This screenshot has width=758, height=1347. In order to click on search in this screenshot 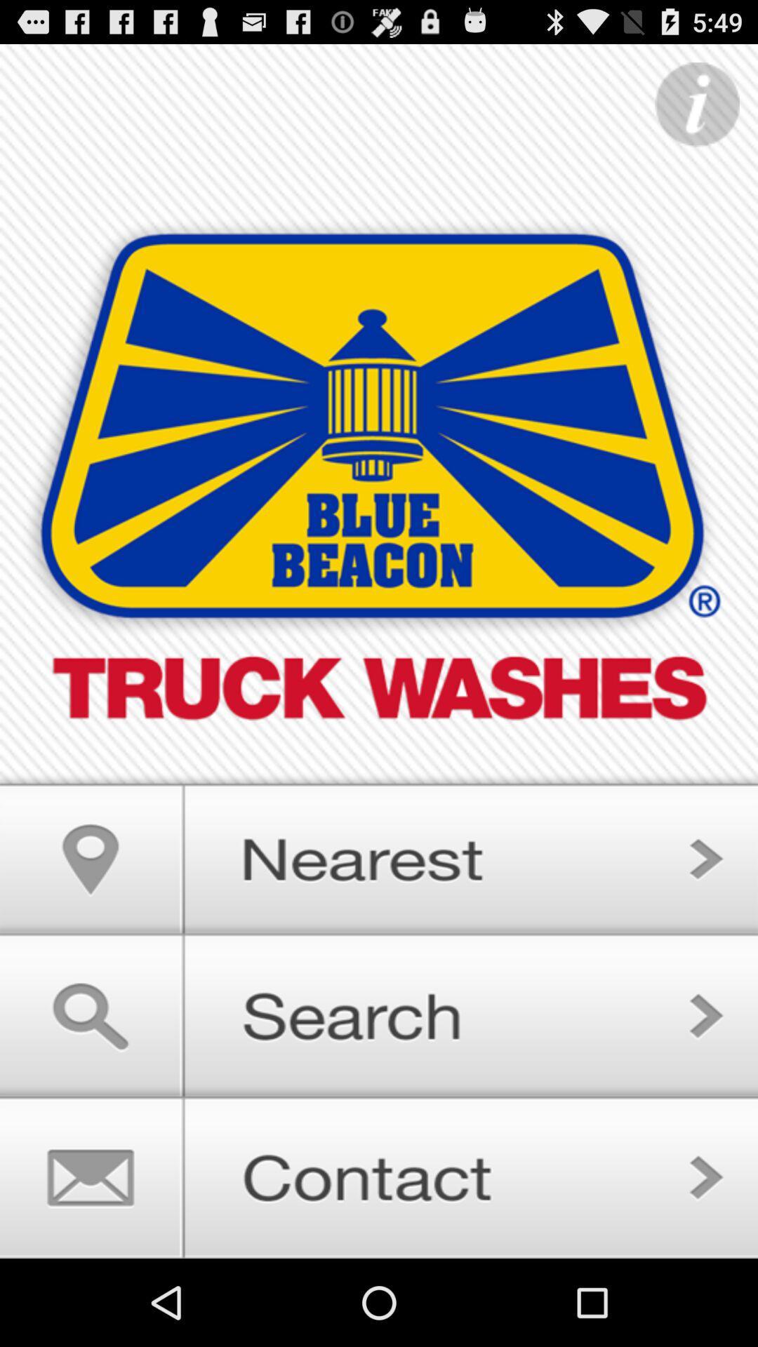, I will do `click(379, 1015)`.